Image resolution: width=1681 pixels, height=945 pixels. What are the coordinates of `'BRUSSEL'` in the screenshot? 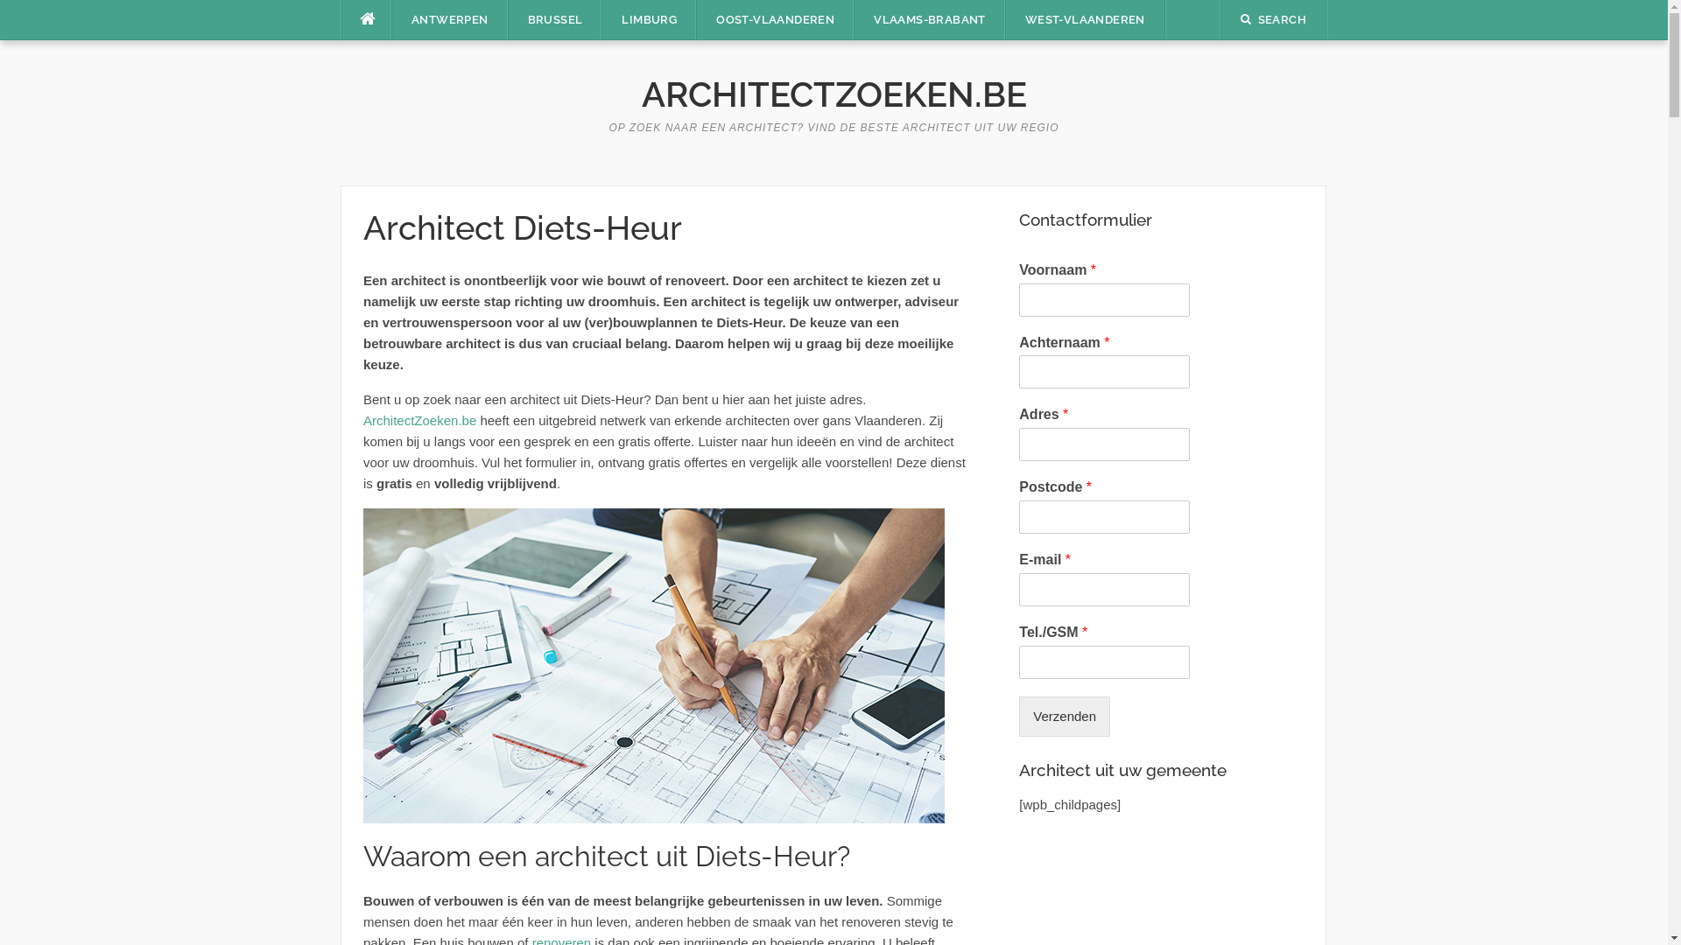 It's located at (507, 20).